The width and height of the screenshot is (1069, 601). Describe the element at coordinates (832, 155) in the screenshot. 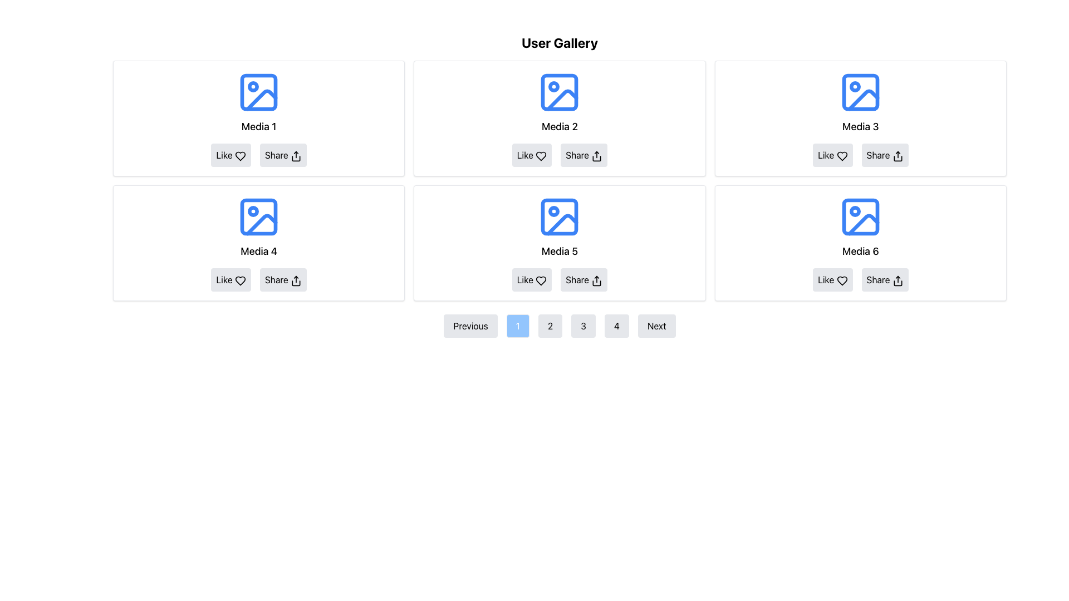

I see `the 'Like' button located directly below the 'Media 3' image in the third column of the top row, which is the leftmost button among two horizontally aligned buttons` at that location.